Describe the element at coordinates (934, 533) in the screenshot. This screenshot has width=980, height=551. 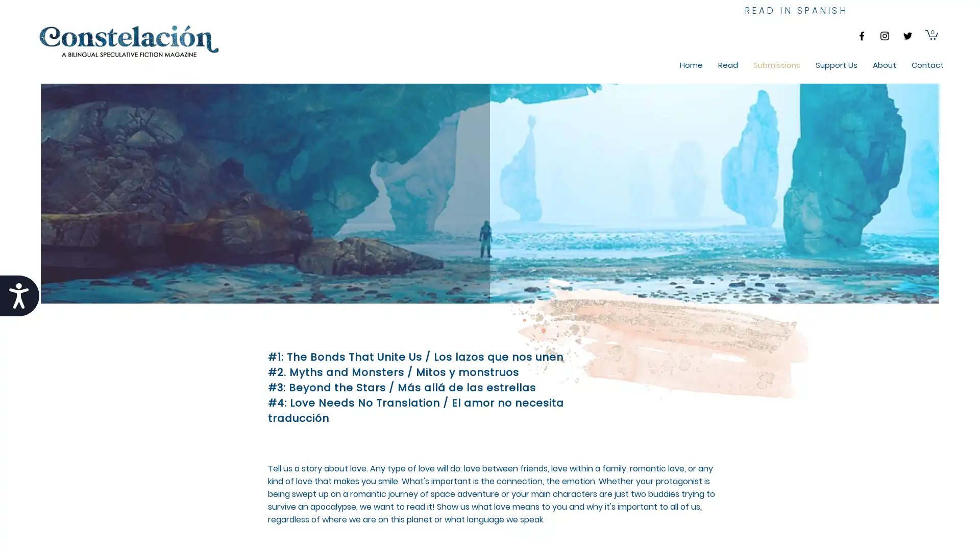
I see `Accept` at that location.